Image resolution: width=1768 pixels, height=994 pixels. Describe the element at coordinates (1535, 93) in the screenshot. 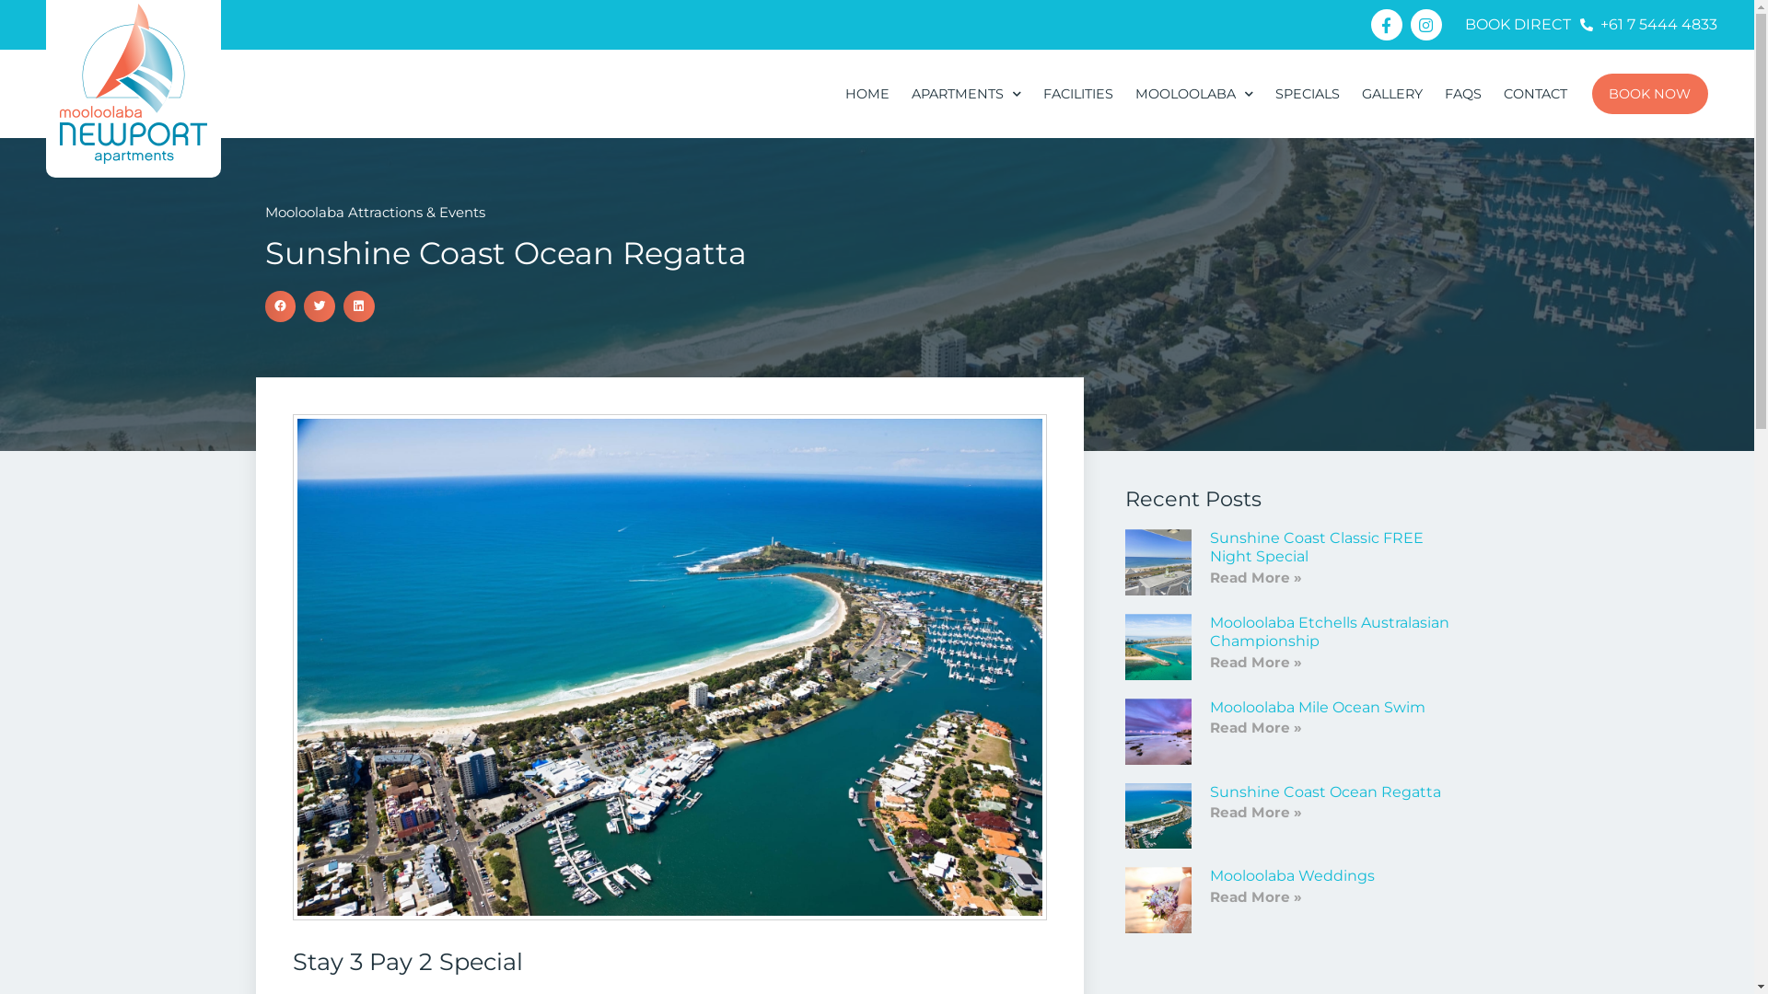

I see `'CONTACT'` at that location.